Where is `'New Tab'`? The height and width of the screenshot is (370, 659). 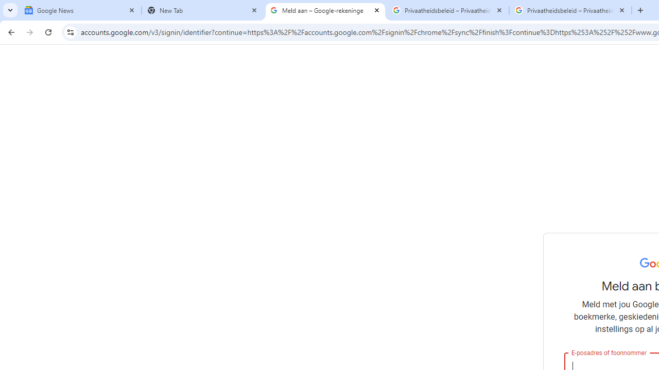
'New Tab' is located at coordinates (203, 10).